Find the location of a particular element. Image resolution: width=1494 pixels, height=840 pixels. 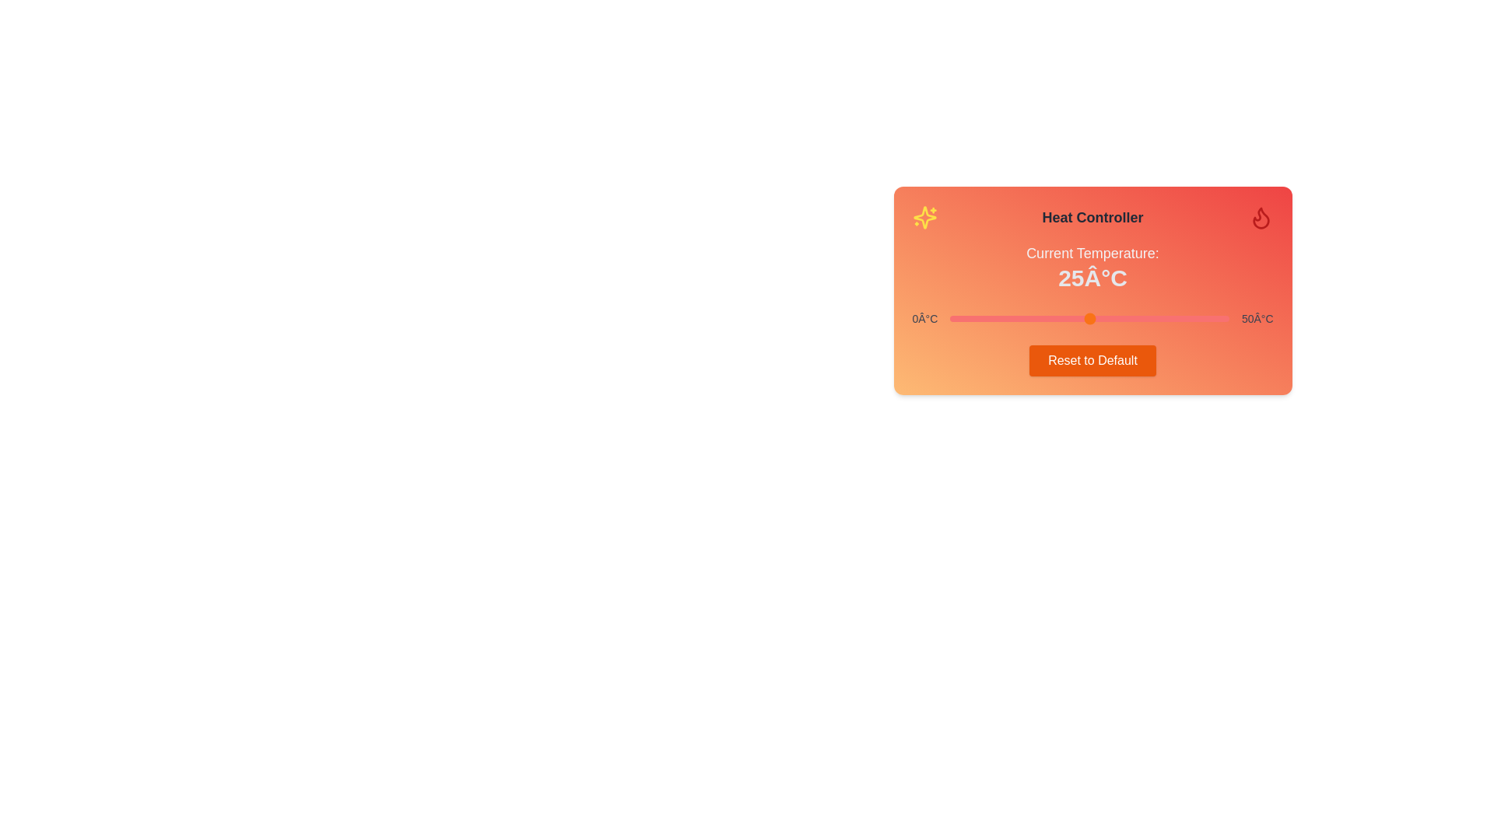

the 'Reset to Default' button to reset the temperature to its default value is located at coordinates (1092, 360).